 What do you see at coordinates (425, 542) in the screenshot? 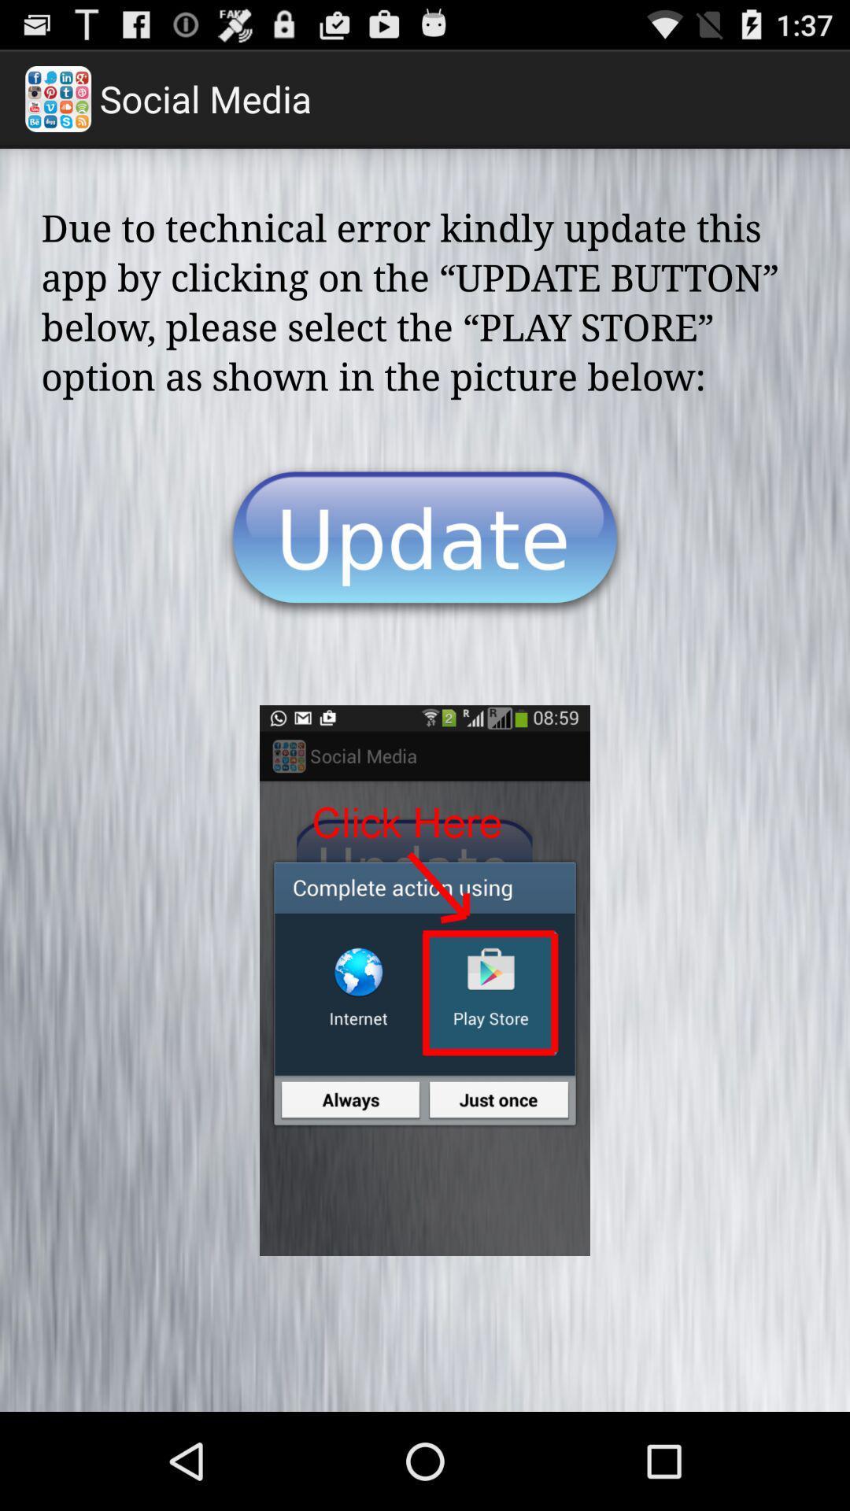
I see `profile` at bounding box center [425, 542].